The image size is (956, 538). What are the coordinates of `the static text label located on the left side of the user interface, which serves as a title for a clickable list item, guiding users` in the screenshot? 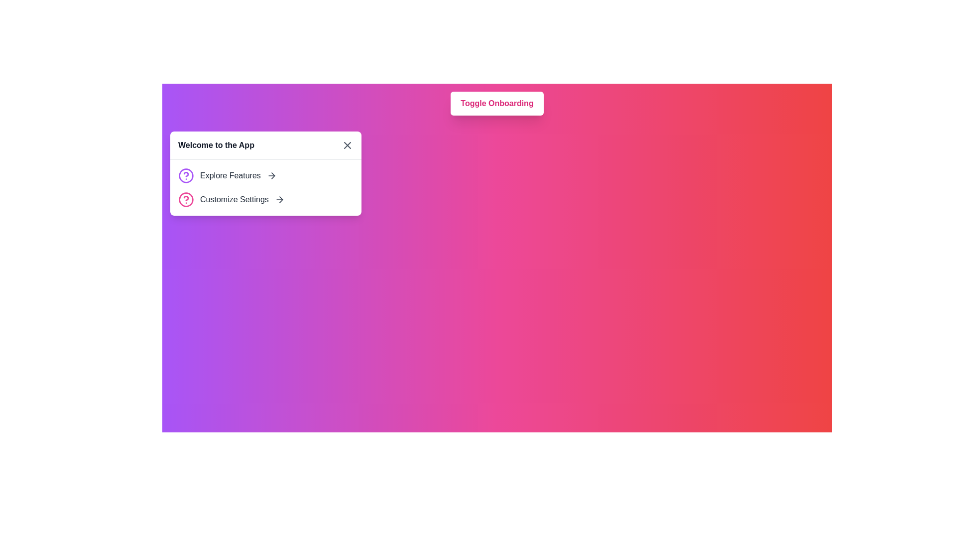 It's located at (230, 175).